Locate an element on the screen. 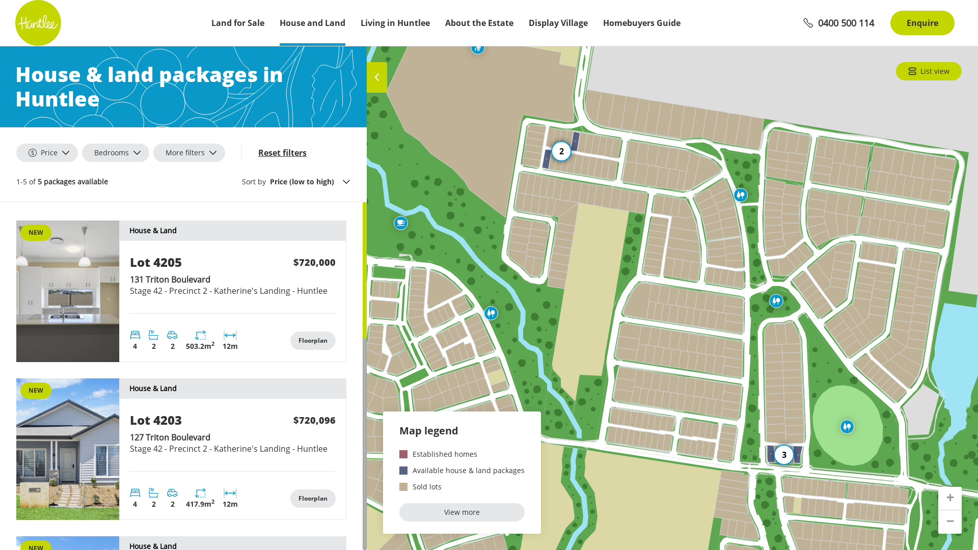  'List view' is located at coordinates (895, 70).